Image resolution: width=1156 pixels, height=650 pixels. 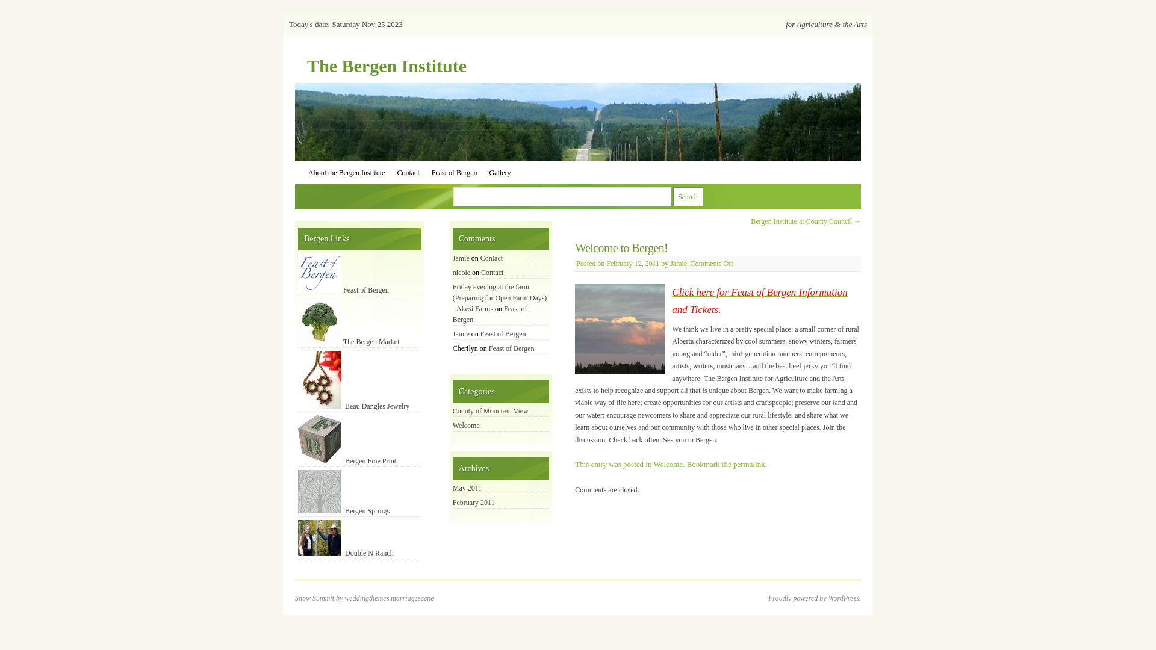 I want to click on 'Click here for Feast of Bergen Information and Tickets.', so click(x=759, y=300).